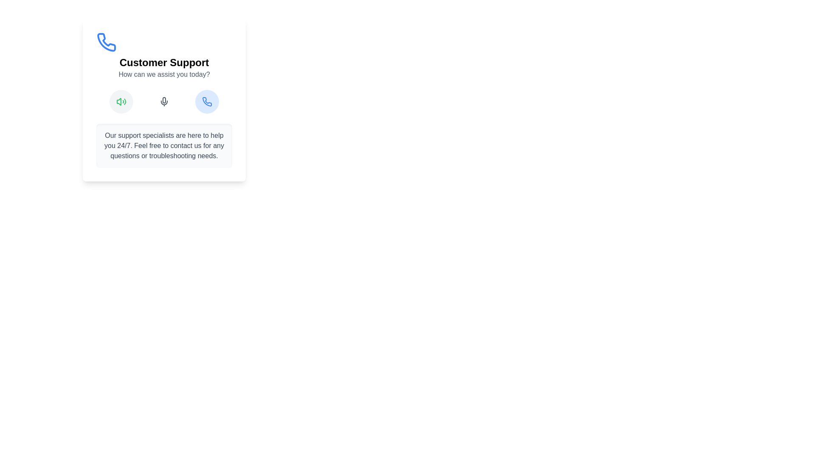  Describe the element at coordinates (164, 100) in the screenshot. I see `the microphone icon, which is the second icon in a row of three under the text 'How can we assist you today?'` at that location.